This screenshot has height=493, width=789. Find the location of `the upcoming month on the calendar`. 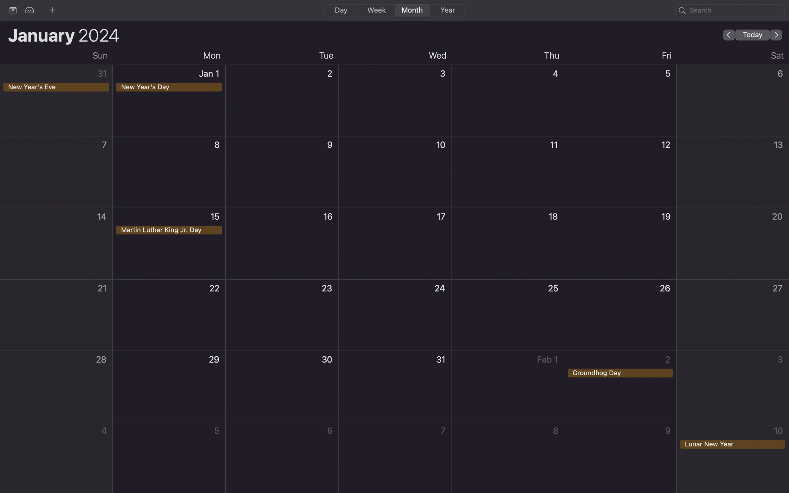

the upcoming month on the calendar is located at coordinates (776, 34).